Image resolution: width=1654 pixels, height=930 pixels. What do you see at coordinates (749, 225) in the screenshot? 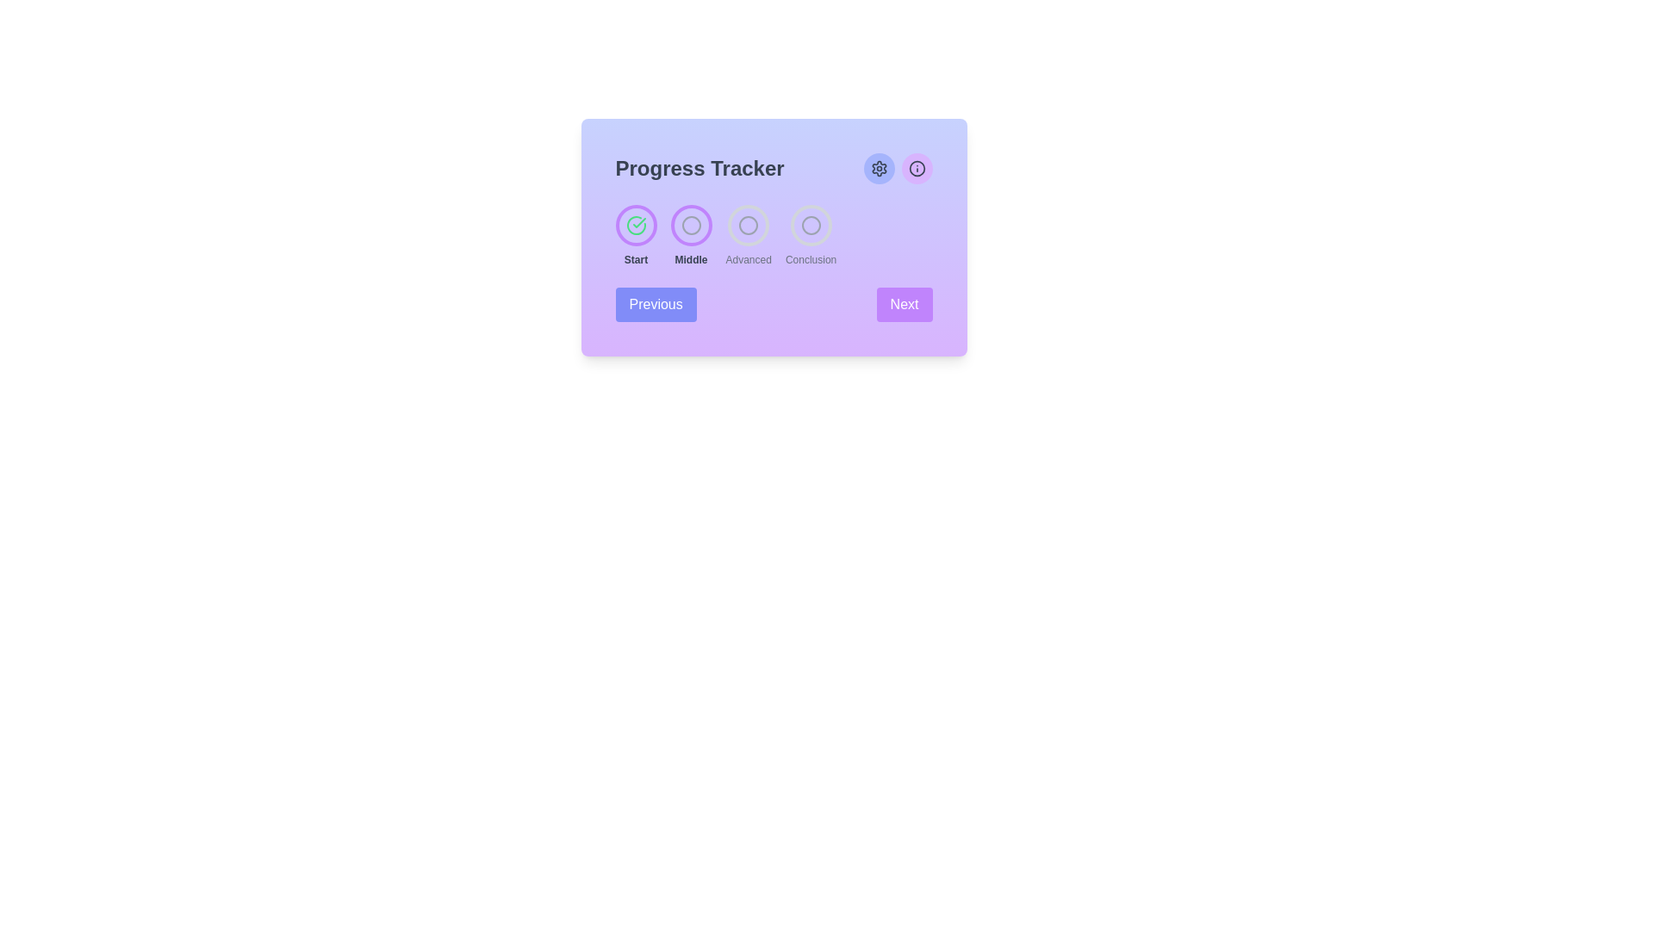
I see `the 'Advanced' step marker in the progress tracker` at bounding box center [749, 225].